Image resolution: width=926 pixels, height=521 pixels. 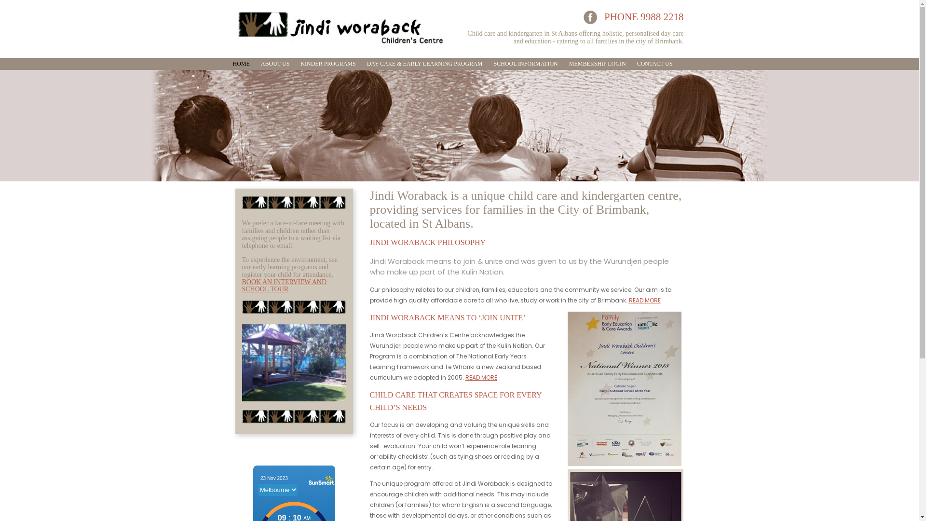 What do you see at coordinates (597, 64) in the screenshot?
I see `'MEMBERSHIP LOGIN'` at bounding box center [597, 64].